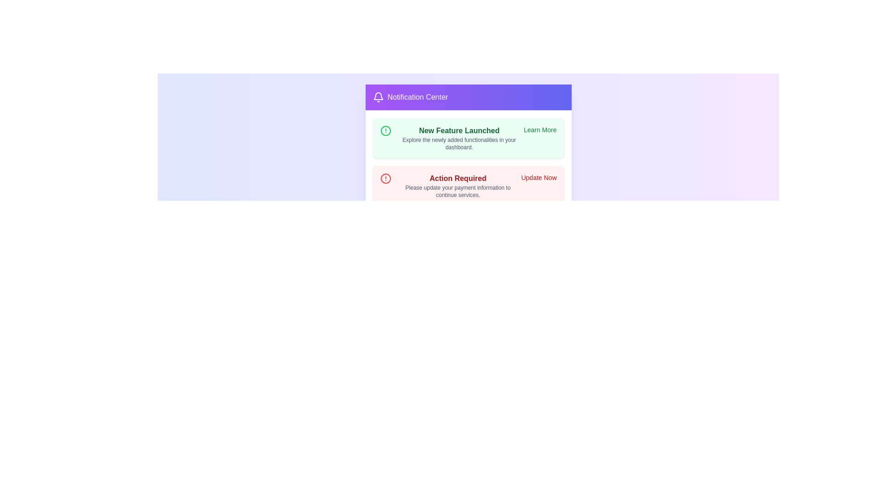 The image size is (883, 496). What do you see at coordinates (458, 179) in the screenshot?
I see `the bold red text label stating 'Action Required', which is part of a notification block with a red background and an exclamation icon` at bounding box center [458, 179].